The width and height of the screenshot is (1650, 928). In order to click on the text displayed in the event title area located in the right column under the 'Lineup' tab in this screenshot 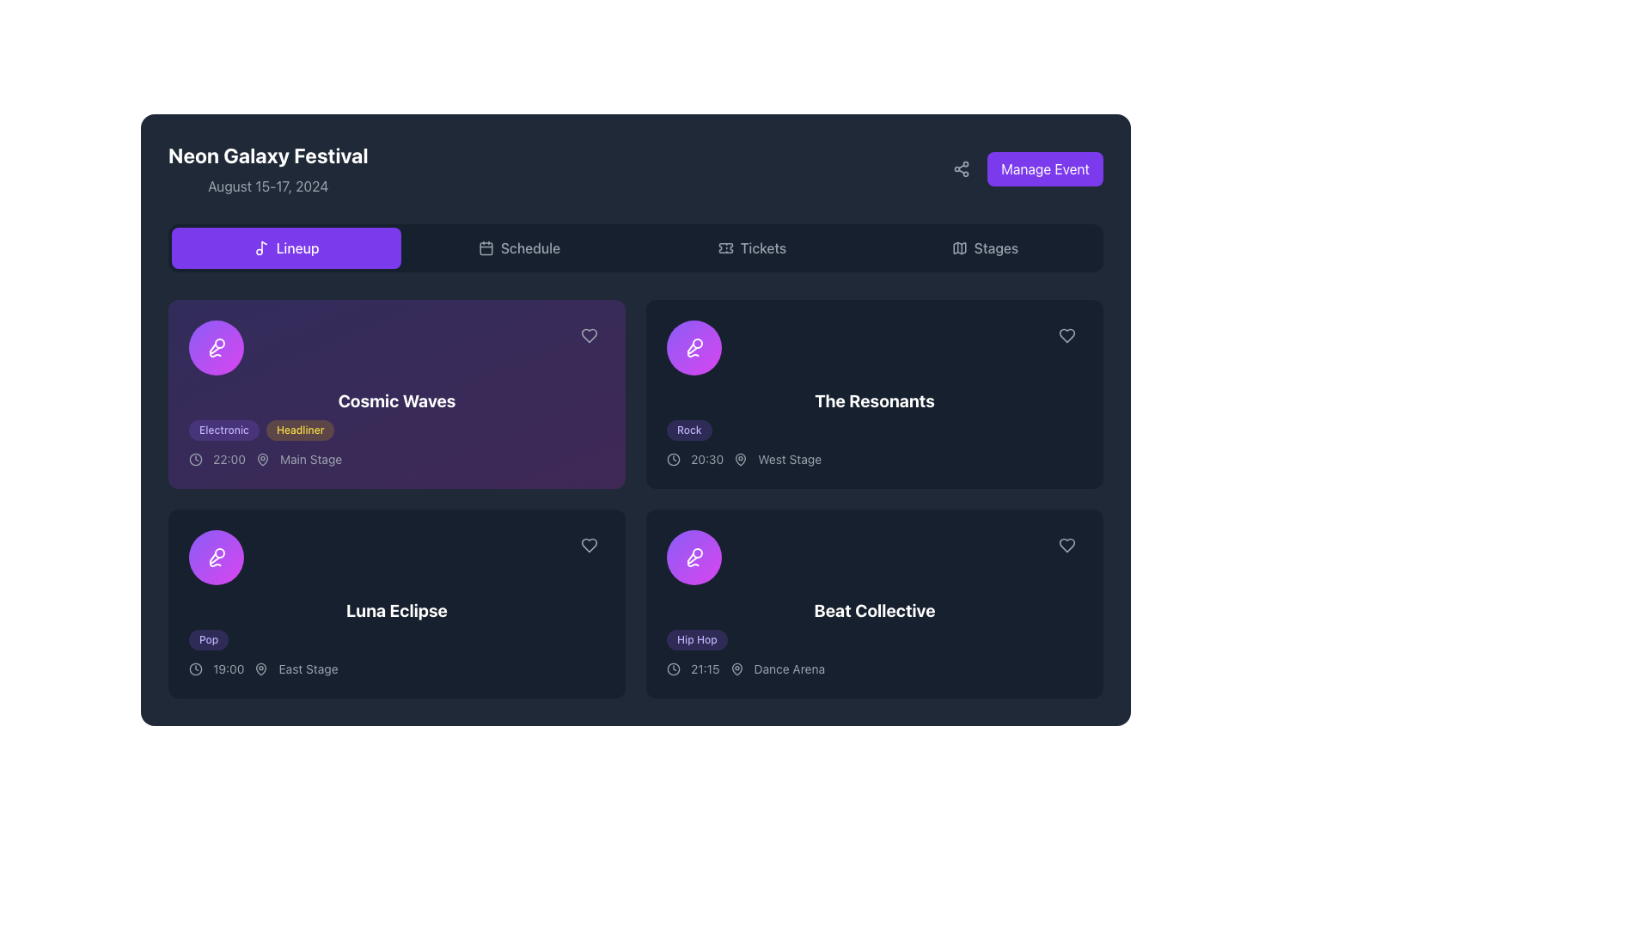, I will do `click(874, 400)`.